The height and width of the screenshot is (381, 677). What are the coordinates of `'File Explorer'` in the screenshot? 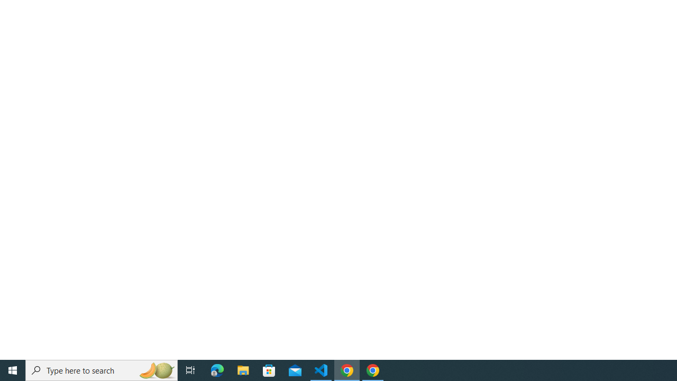 It's located at (243, 369).